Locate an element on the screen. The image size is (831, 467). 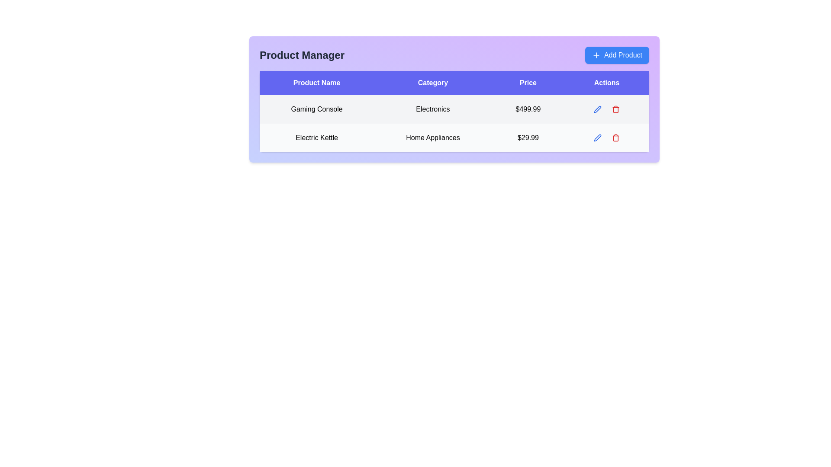
the 'Gaming Console' text label located in the first row under the 'Product Name' column of the table is located at coordinates (316, 109).